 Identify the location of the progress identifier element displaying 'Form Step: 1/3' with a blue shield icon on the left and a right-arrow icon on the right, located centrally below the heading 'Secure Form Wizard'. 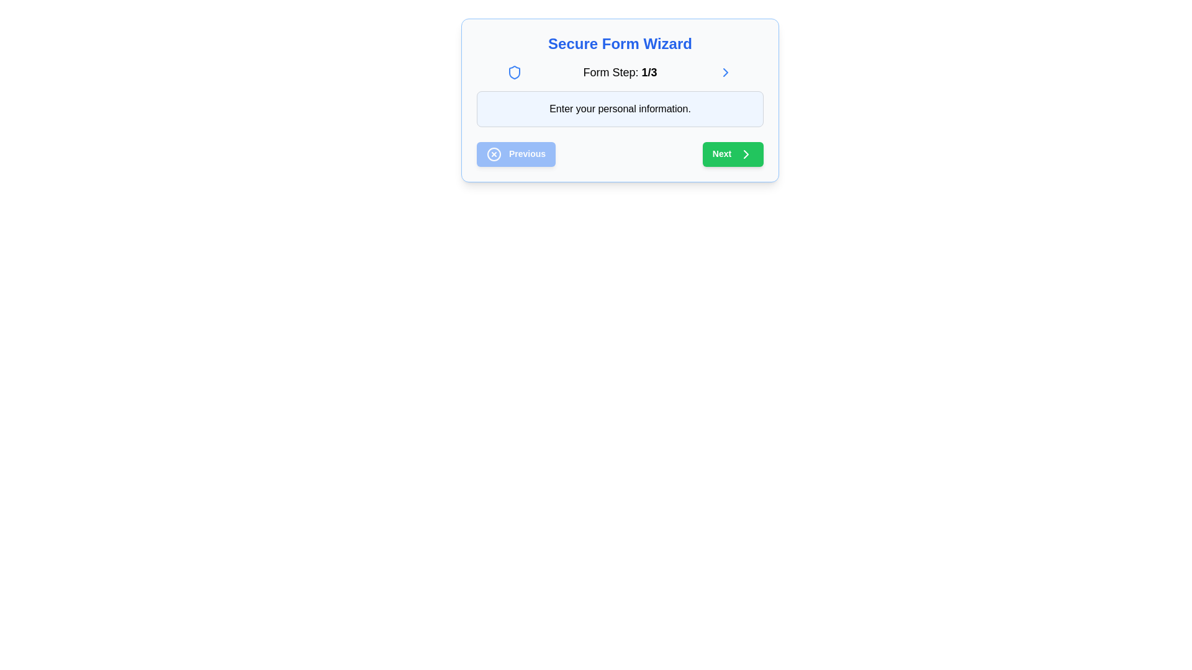
(620, 72).